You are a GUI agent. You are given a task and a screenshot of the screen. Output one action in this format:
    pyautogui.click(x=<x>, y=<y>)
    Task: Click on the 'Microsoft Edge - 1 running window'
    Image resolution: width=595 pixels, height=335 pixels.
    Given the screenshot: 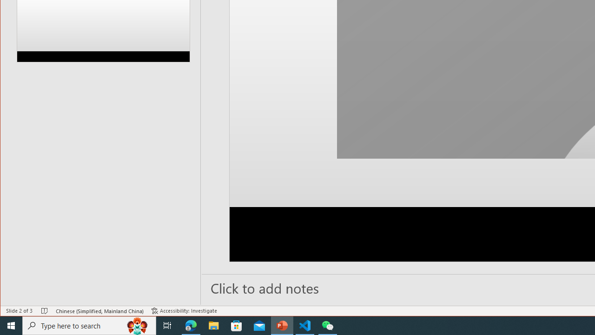 What is the action you would take?
    pyautogui.click(x=191, y=325)
    